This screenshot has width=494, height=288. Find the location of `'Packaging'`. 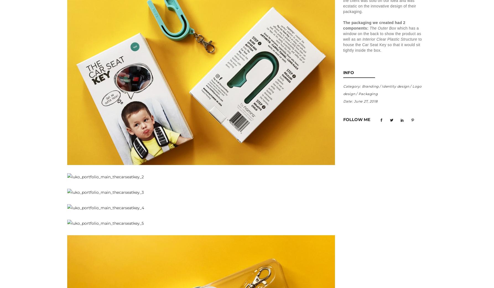

'Packaging' is located at coordinates (368, 93).